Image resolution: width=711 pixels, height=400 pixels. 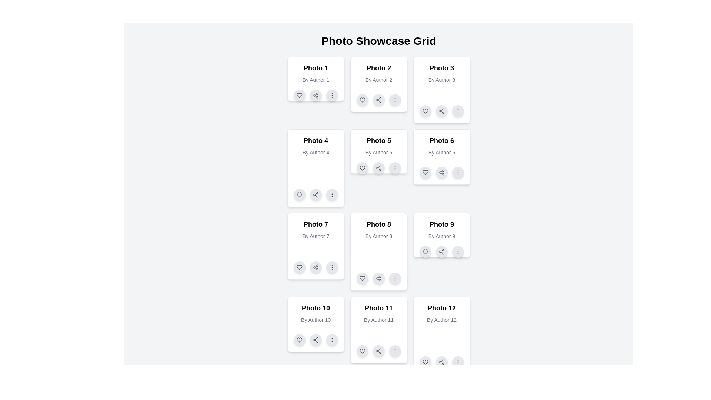 What do you see at coordinates (363, 100) in the screenshot?
I see `the heart-shaped icon located at the bottom-left of the card titled 'Photo 2' to interact with it` at bounding box center [363, 100].